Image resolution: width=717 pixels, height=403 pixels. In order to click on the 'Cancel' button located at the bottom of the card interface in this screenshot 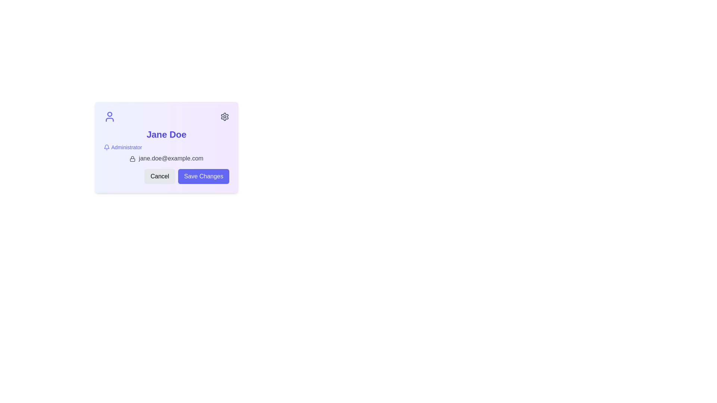, I will do `click(159, 176)`.